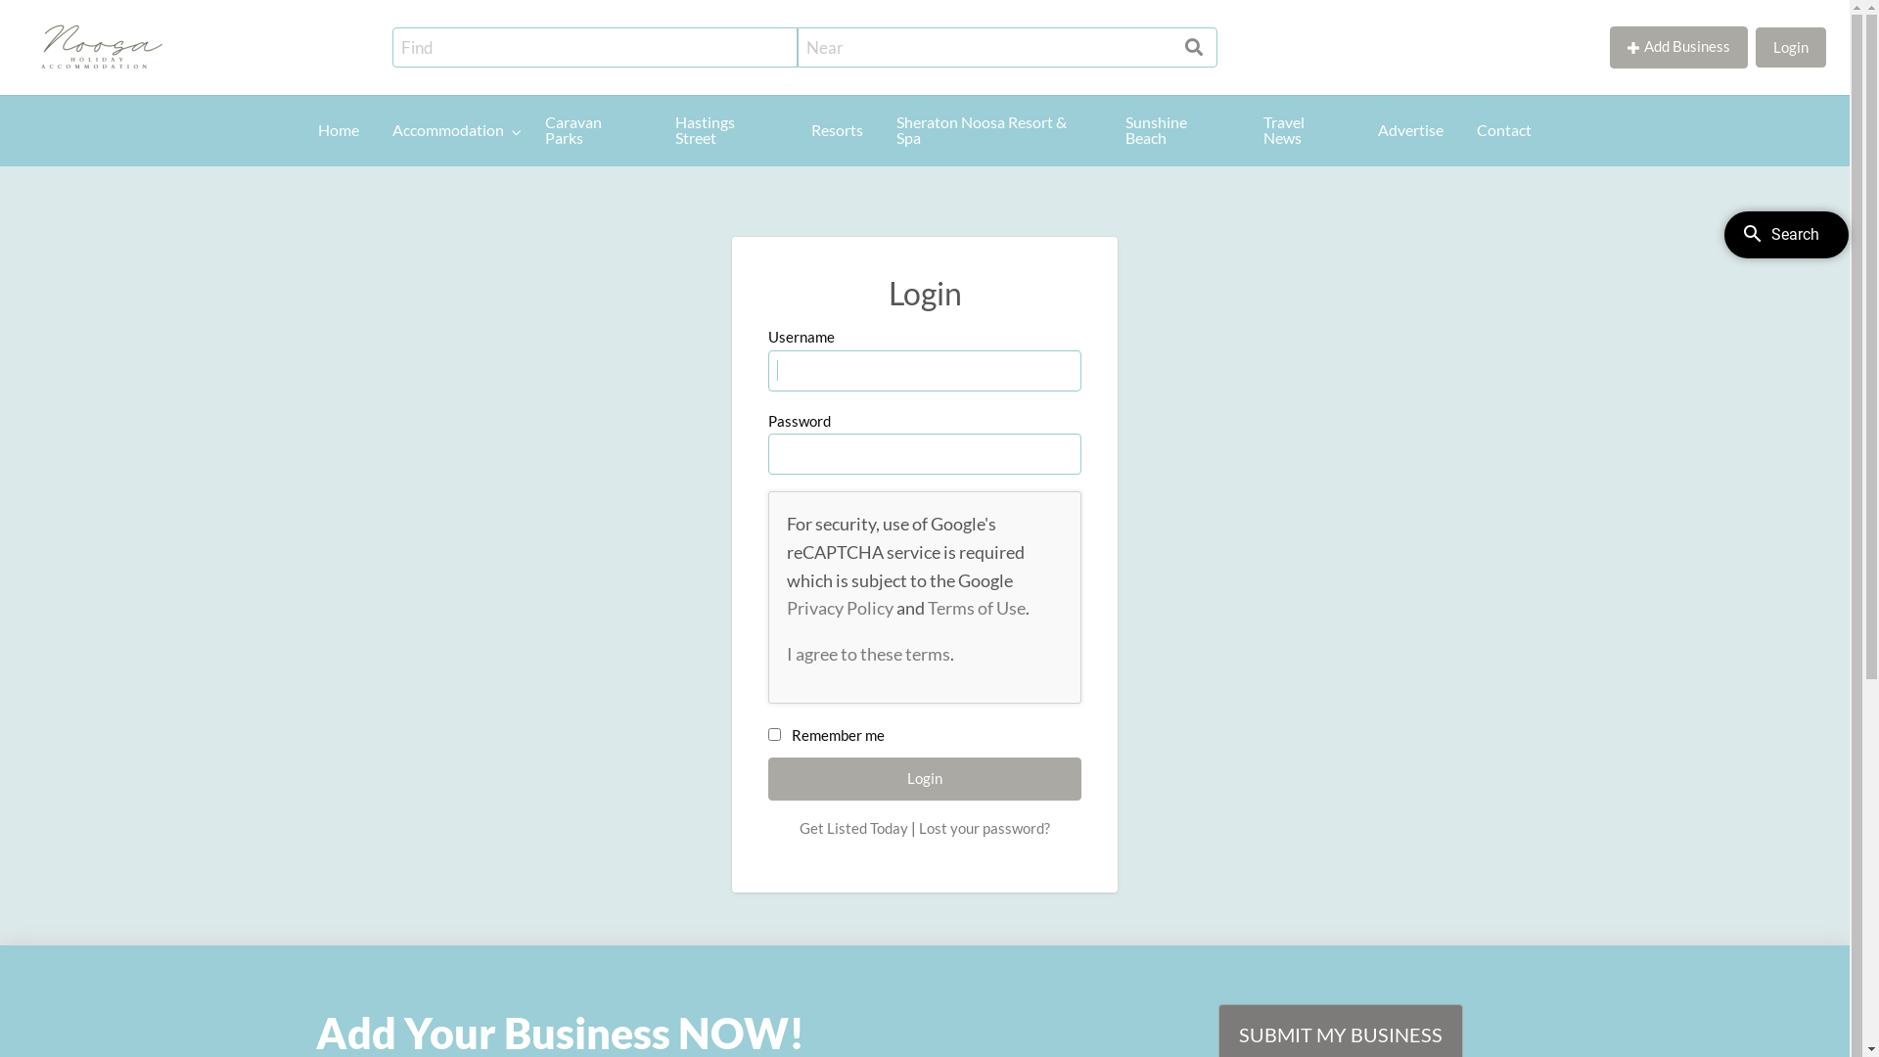  What do you see at coordinates (1410, 130) in the screenshot?
I see `'Advertise'` at bounding box center [1410, 130].